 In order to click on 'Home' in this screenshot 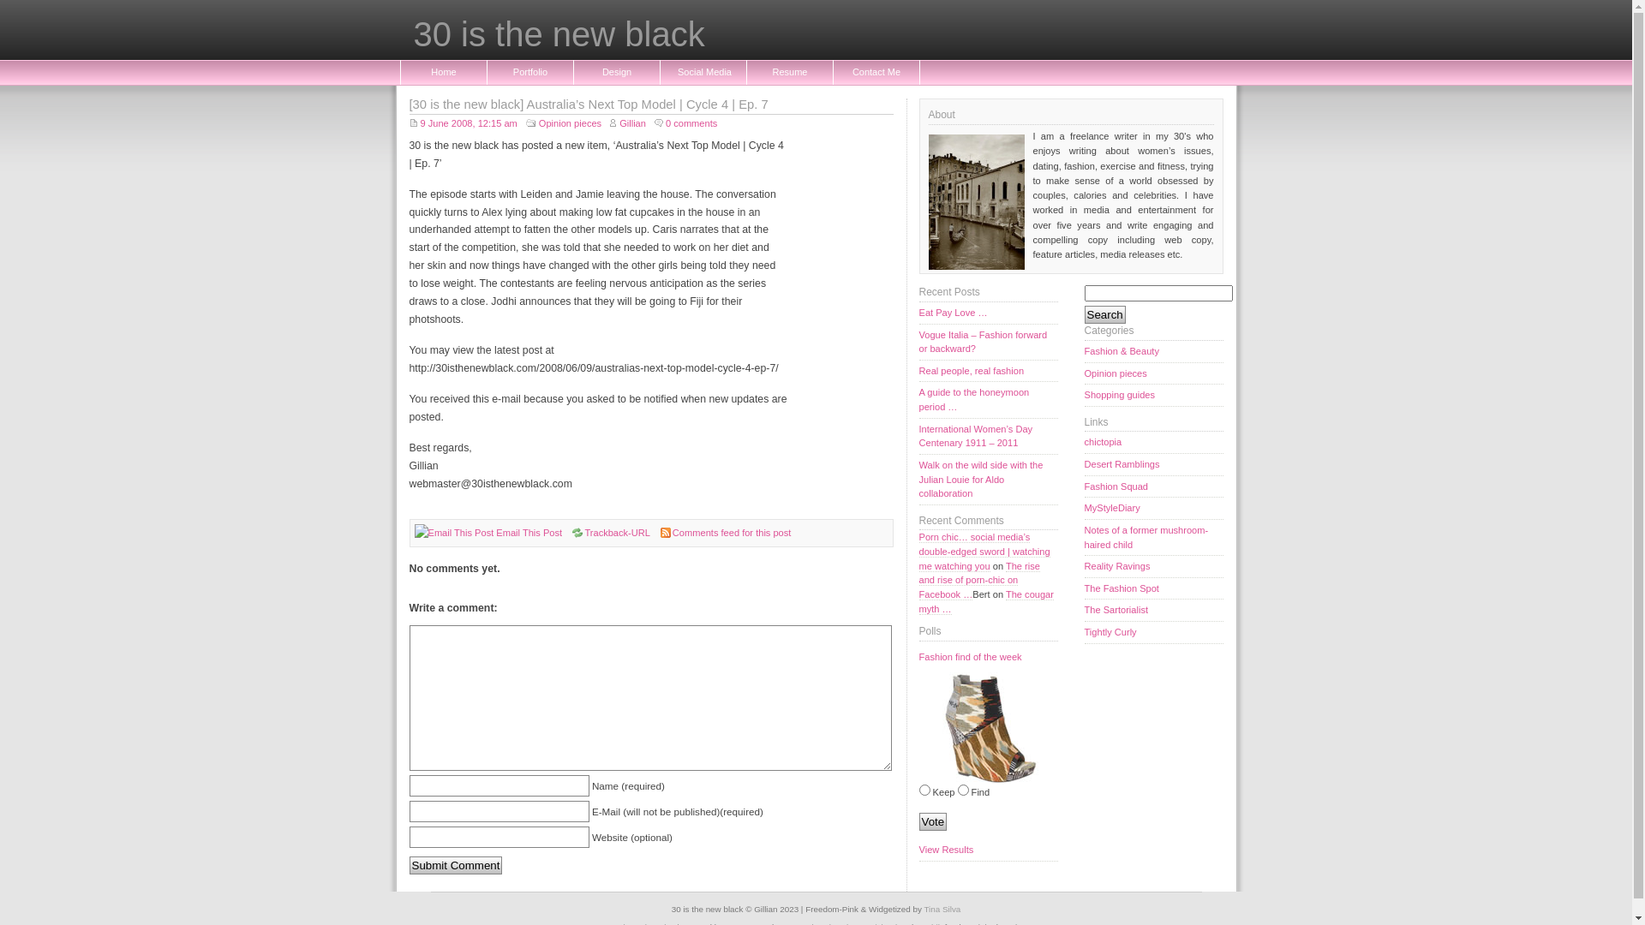, I will do `click(444, 71)`.